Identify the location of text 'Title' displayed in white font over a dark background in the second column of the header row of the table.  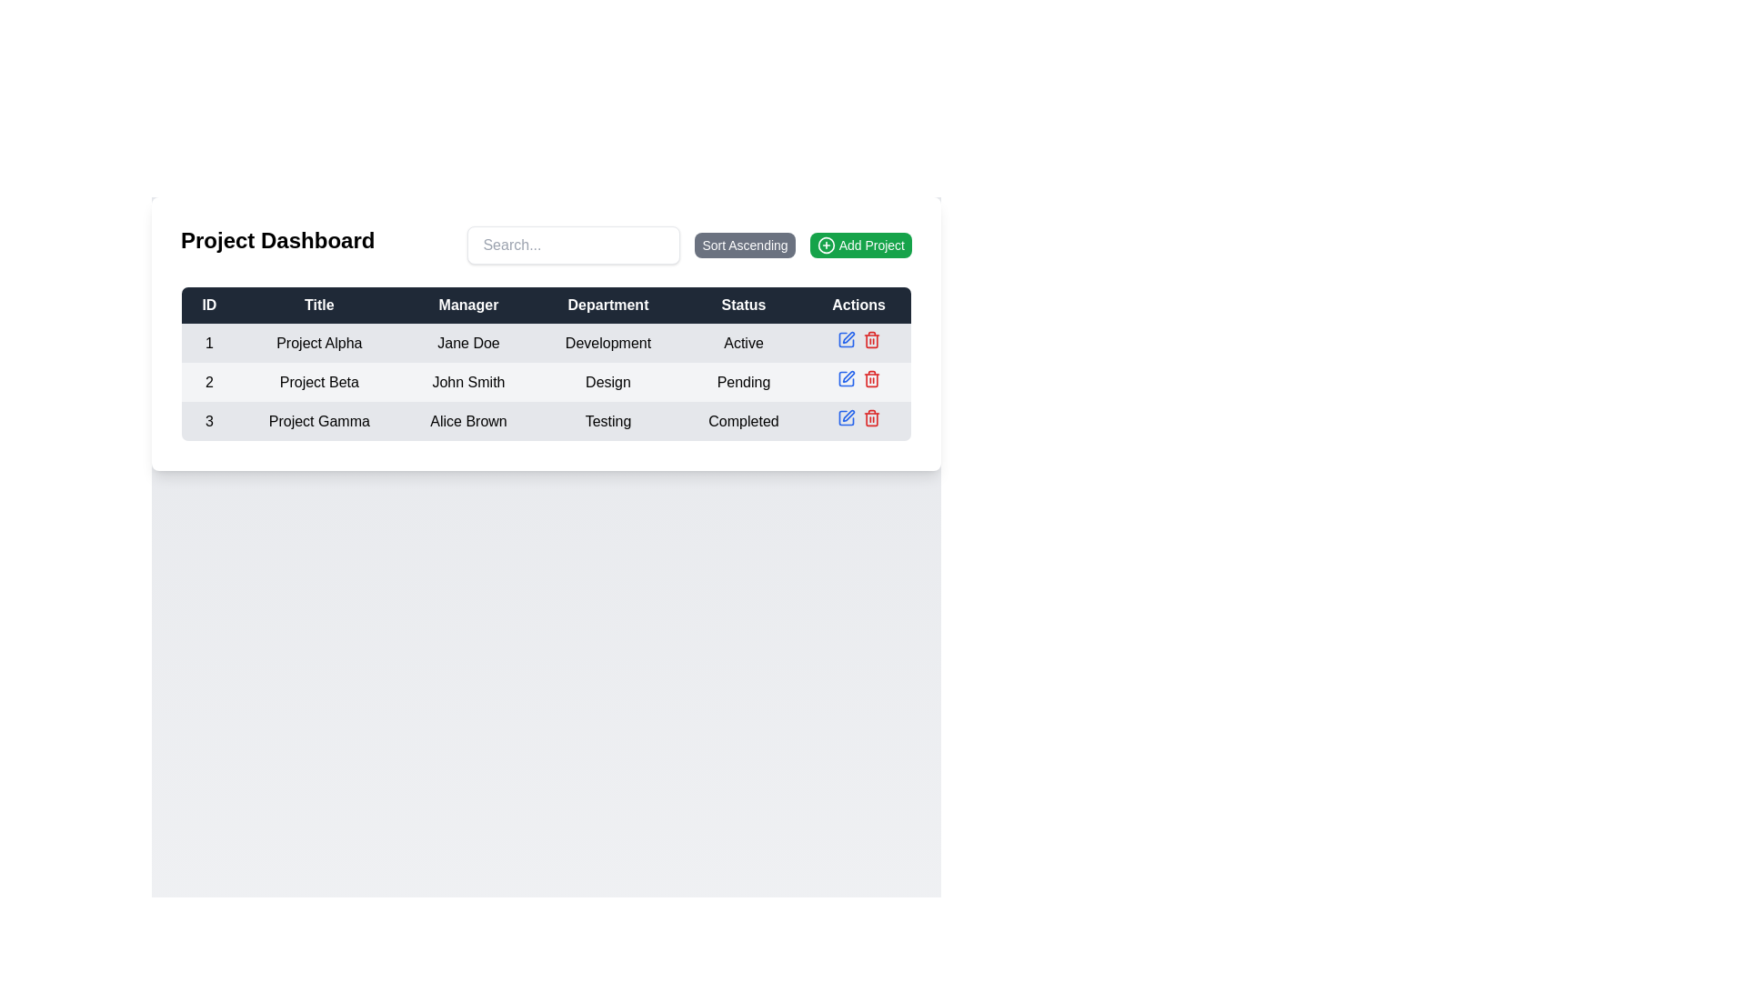
(319, 304).